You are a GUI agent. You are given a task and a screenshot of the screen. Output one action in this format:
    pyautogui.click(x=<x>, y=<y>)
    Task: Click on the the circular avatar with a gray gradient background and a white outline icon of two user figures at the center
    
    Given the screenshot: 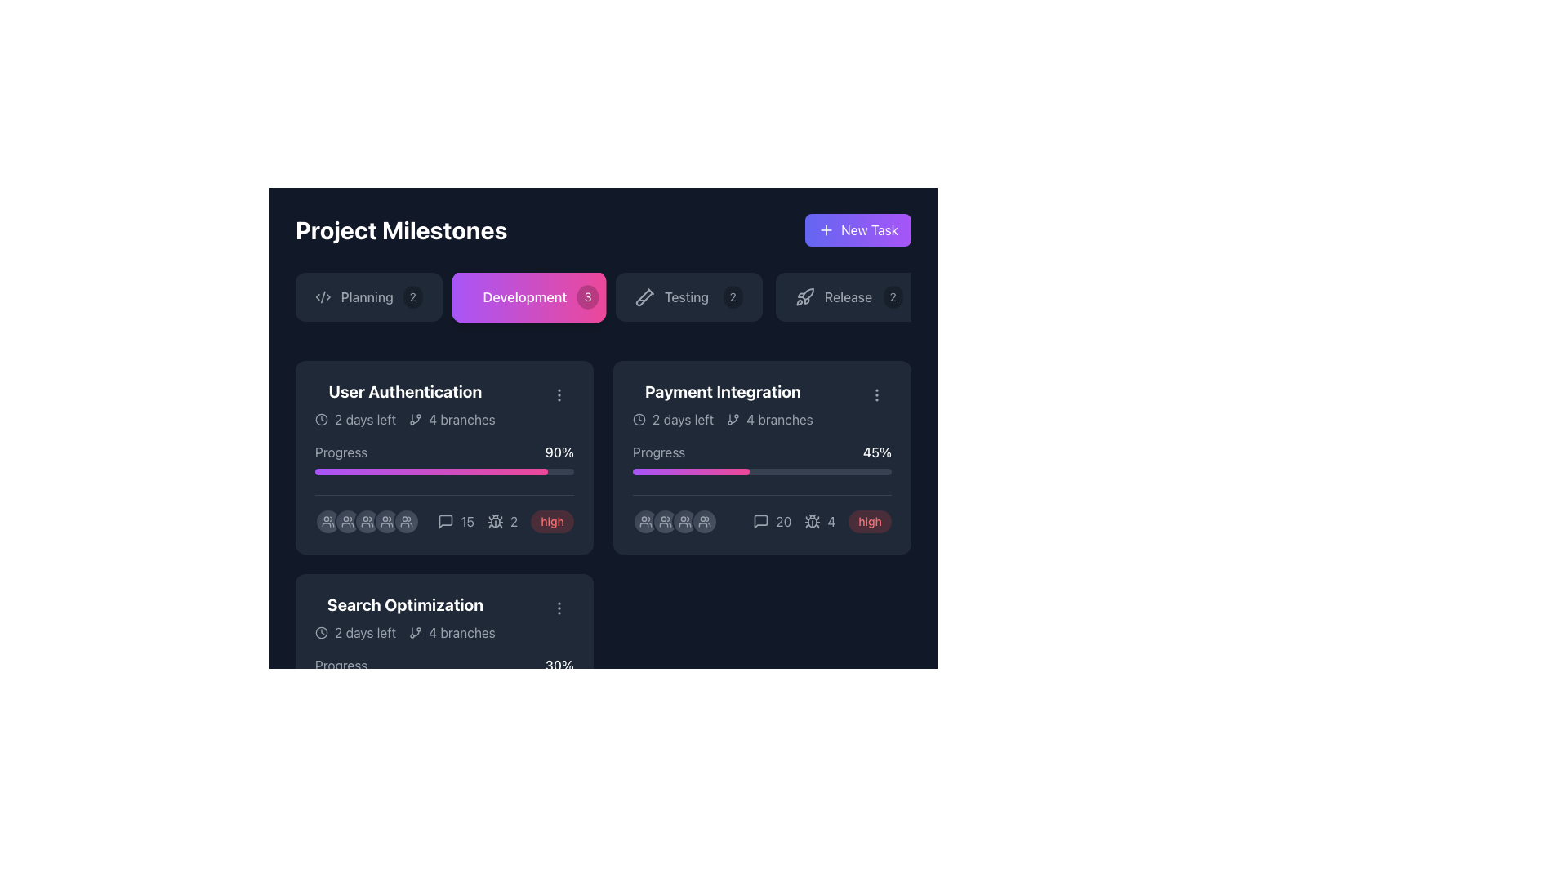 What is the action you would take?
    pyautogui.click(x=367, y=522)
    